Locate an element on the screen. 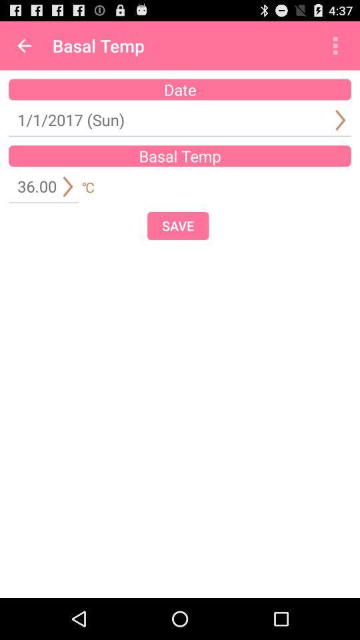  app next to basal temp icon is located at coordinates (335, 45).